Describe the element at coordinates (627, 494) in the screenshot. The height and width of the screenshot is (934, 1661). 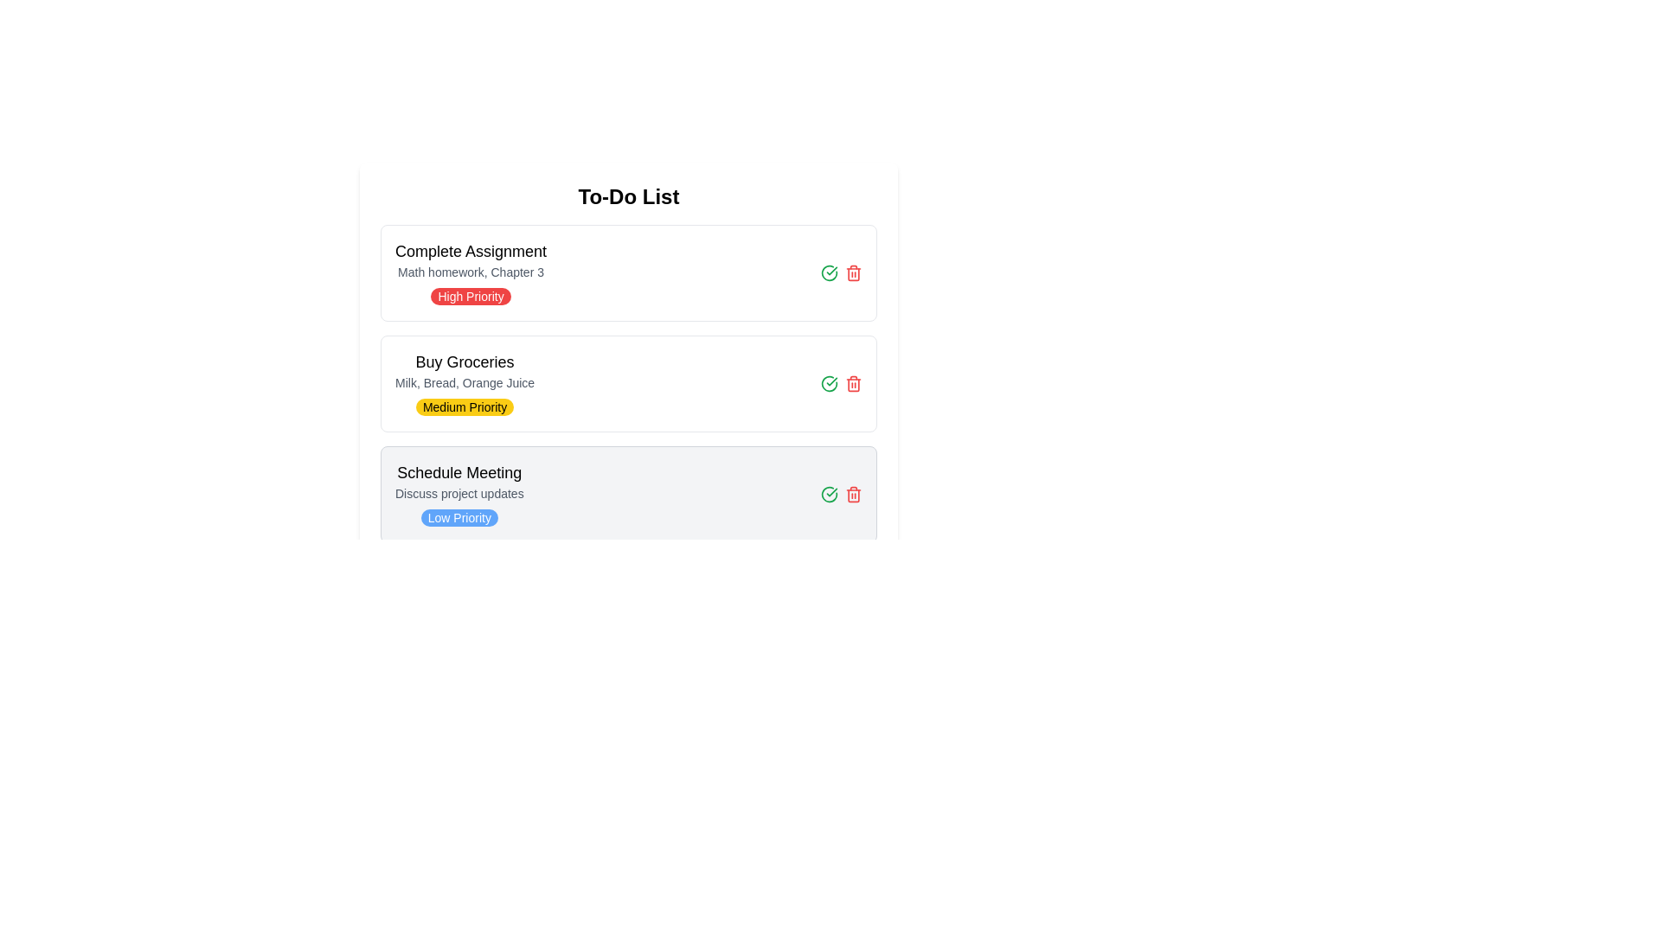
I see `the task item labeled 'Schedule Meeting'` at that location.